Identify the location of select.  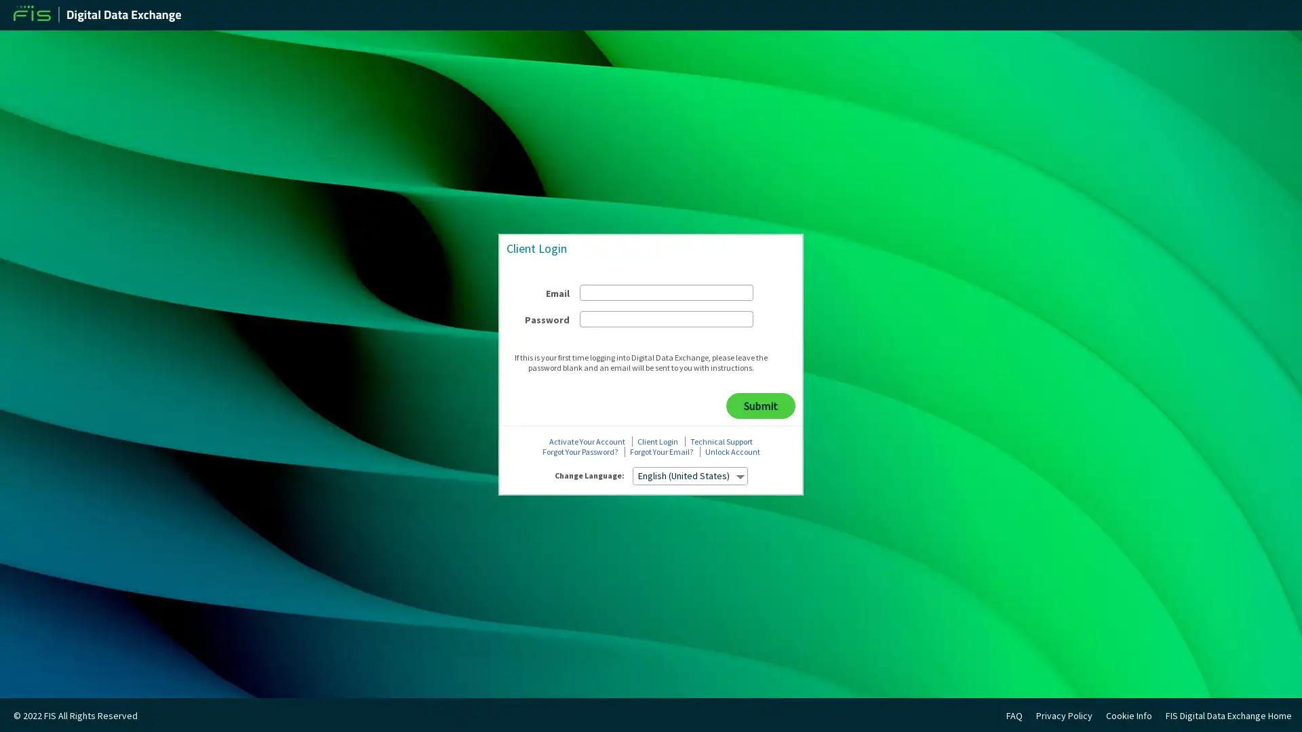
(738, 474).